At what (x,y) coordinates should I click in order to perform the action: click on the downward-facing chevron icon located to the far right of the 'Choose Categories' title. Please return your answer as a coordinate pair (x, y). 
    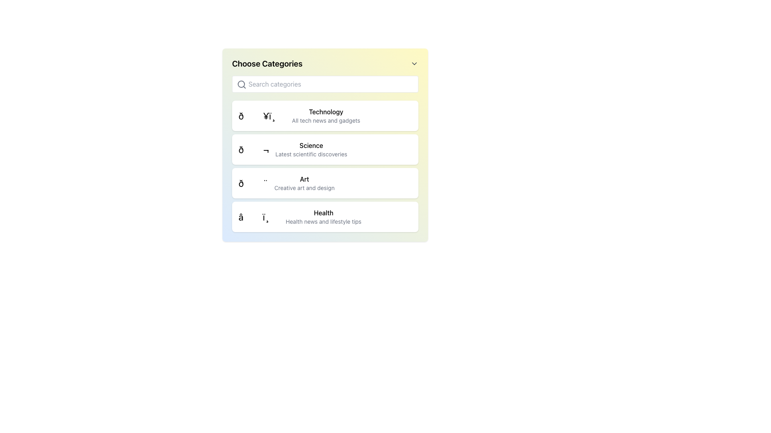
    Looking at the image, I should click on (414, 63).